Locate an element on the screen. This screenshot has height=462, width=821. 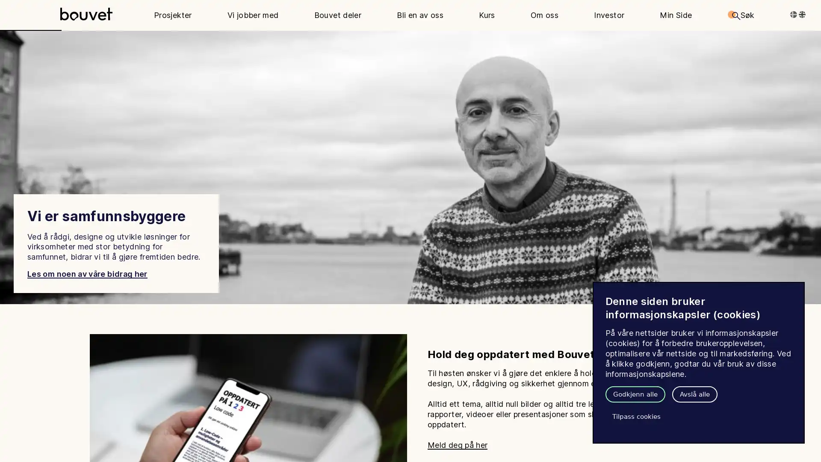
Tilpass cookies is located at coordinates (636, 415).